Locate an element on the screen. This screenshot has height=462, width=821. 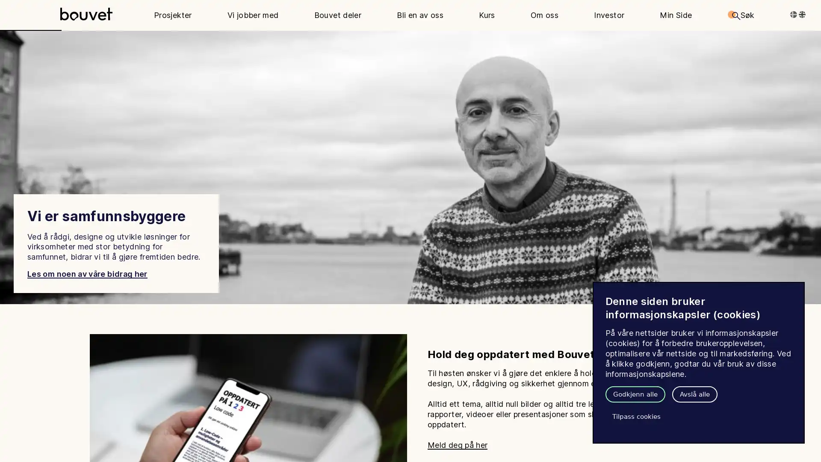
Tilpass cookies is located at coordinates (636, 415).